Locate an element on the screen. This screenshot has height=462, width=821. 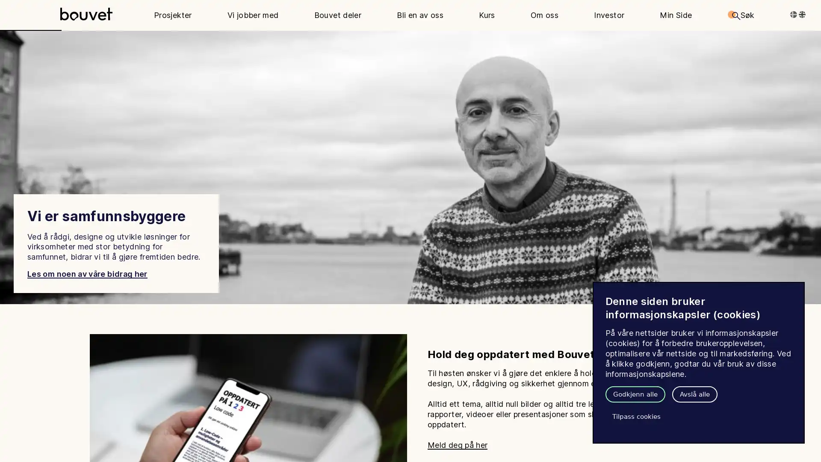
Tilpass cookies is located at coordinates (636, 415).